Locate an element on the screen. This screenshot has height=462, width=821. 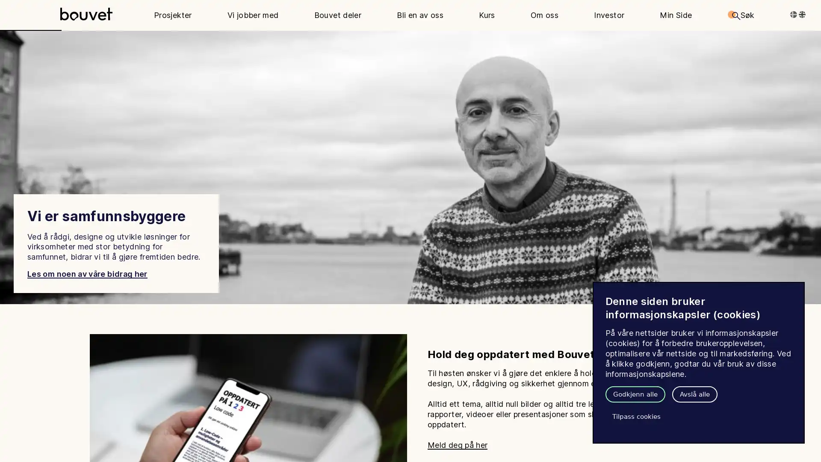
Tilpass cookies is located at coordinates (636, 415).